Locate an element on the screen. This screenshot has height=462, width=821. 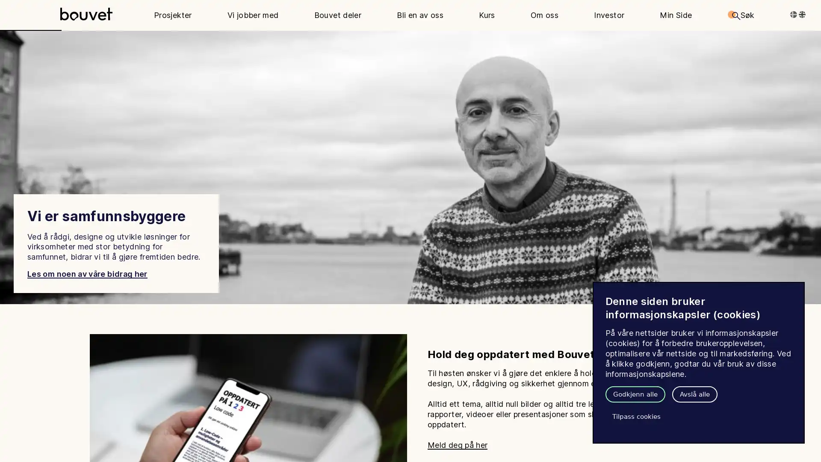
Tilpass cookies is located at coordinates (636, 415).